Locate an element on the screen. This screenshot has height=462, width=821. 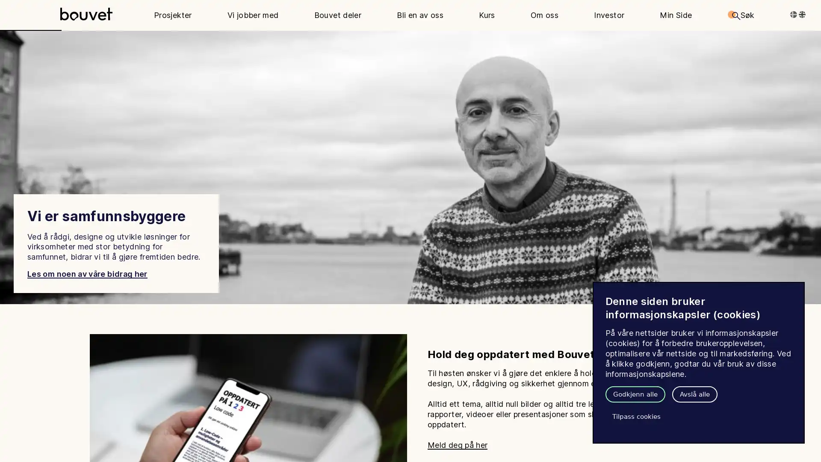
Tilpass cookies is located at coordinates (636, 415).